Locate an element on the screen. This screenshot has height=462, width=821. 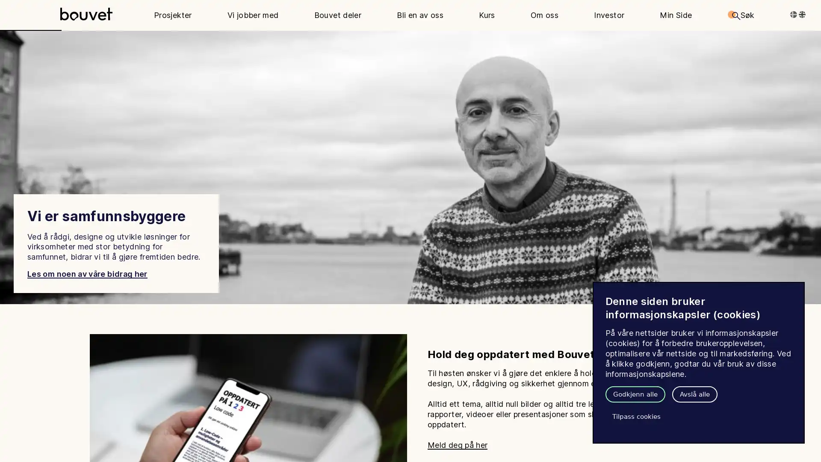
Tilpass cookies is located at coordinates (636, 415).